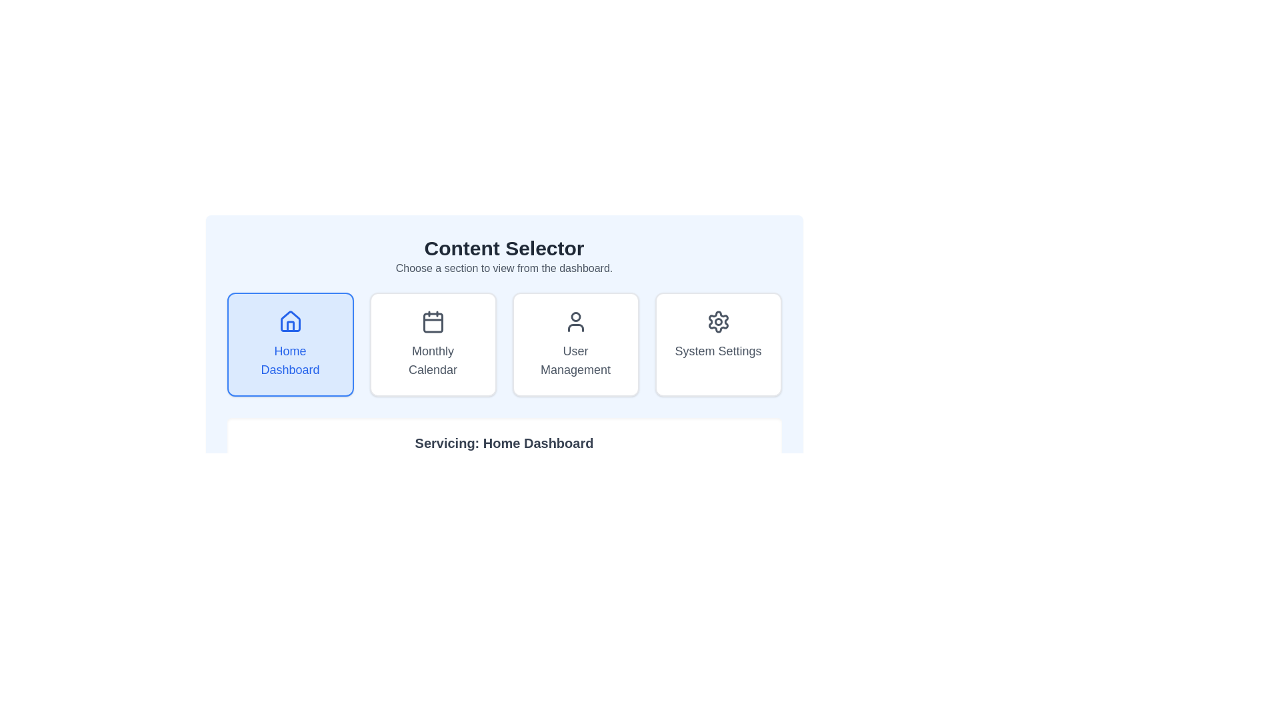 Image resolution: width=1280 pixels, height=720 pixels. What do you see at coordinates (433, 323) in the screenshot?
I see `the decorative graphical element representing a calendar aspect in the 'Monthly Calendar' section of the 'Content Selector' interface` at bounding box center [433, 323].